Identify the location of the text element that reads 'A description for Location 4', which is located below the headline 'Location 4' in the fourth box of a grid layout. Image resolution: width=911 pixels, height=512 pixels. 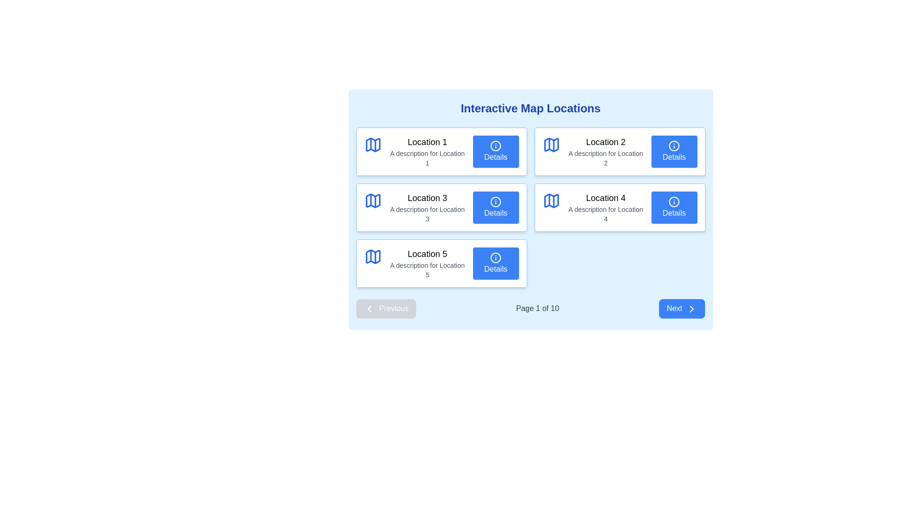
(605, 214).